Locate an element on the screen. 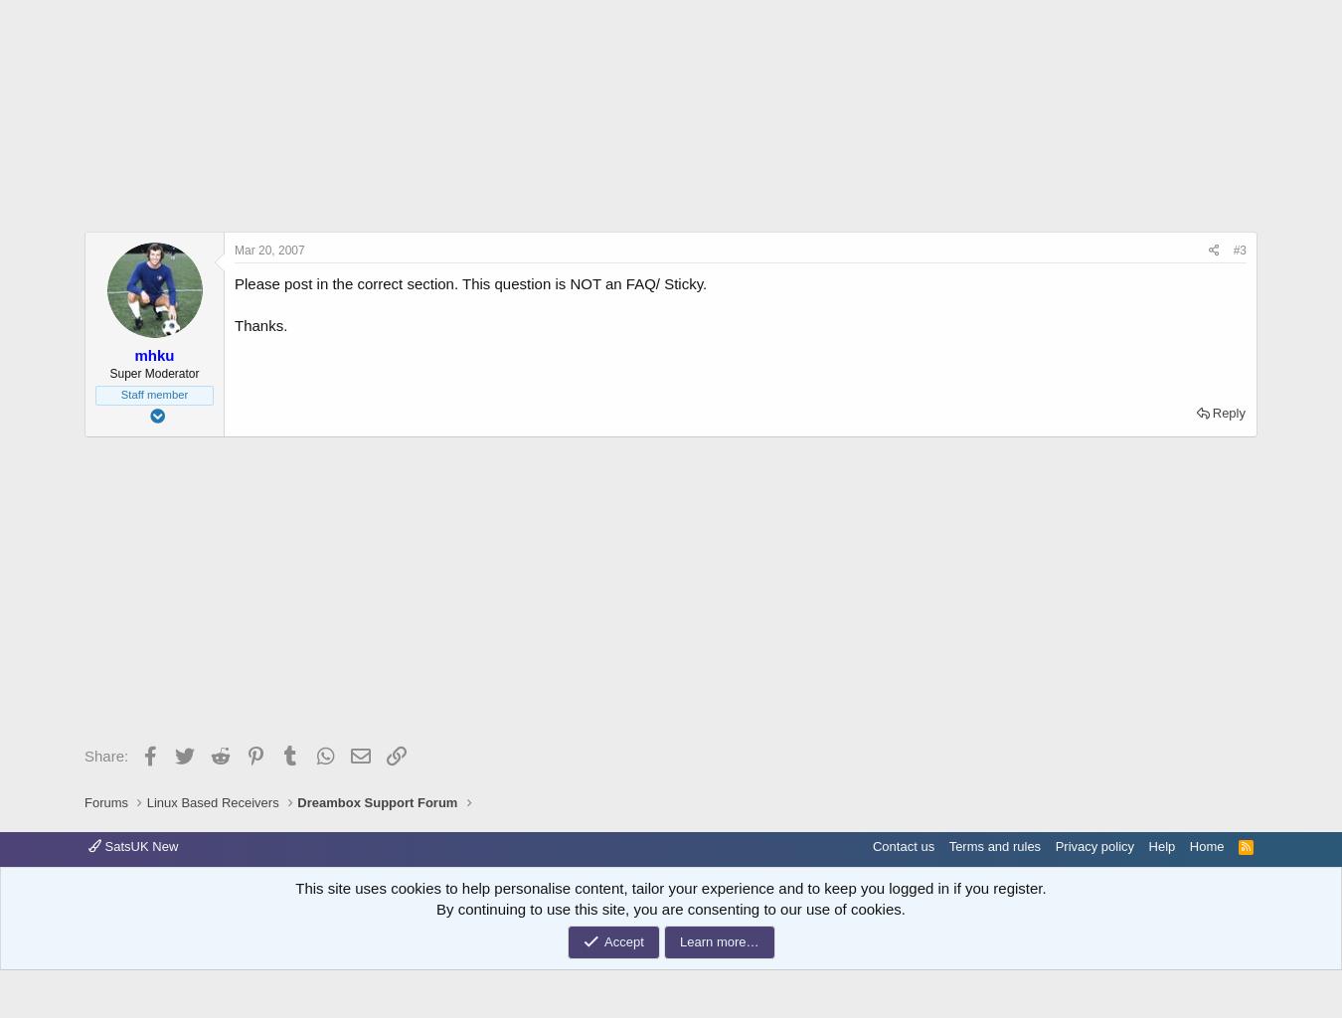  'Please post in the correct section. This question is NOT an FAQ/ Sticky.' is located at coordinates (233, 282).